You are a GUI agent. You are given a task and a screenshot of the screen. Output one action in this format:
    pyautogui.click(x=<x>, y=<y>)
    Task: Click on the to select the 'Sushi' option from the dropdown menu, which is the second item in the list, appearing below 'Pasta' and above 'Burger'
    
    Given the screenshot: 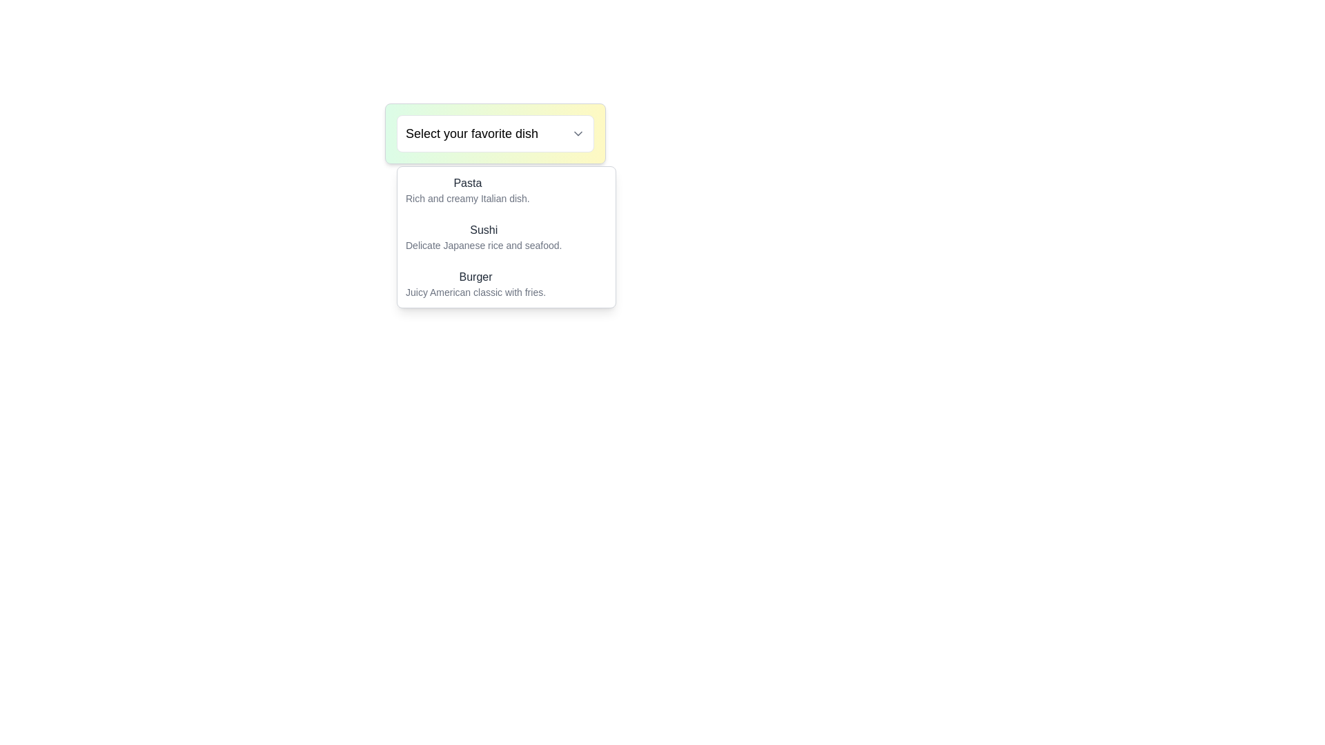 What is the action you would take?
    pyautogui.click(x=483, y=236)
    